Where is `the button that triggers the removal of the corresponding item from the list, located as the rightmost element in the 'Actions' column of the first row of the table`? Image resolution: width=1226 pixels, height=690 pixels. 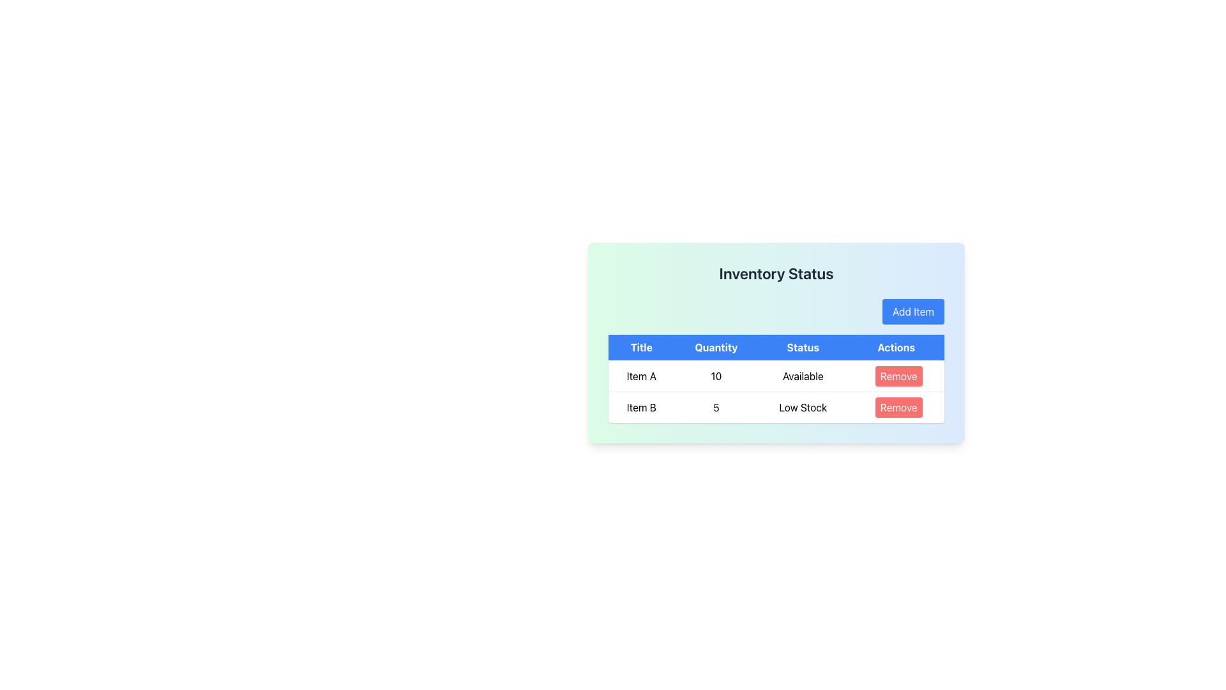
the button that triggers the removal of the corresponding item from the list, located as the rightmost element in the 'Actions' column of the first row of the table is located at coordinates (898, 376).